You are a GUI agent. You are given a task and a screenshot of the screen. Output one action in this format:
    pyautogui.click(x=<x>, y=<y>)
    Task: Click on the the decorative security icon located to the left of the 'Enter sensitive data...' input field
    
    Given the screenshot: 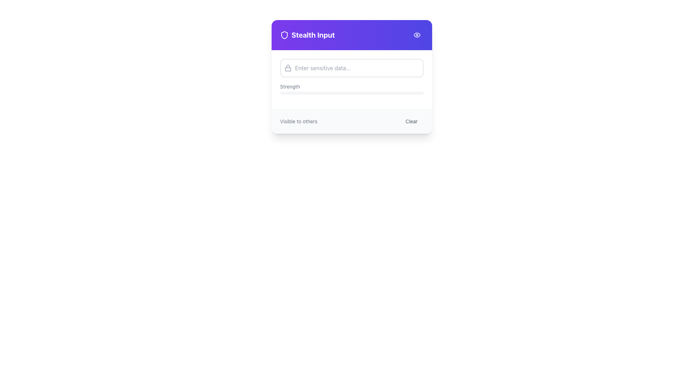 What is the action you would take?
    pyautogui.click(x=288, y=68)
    